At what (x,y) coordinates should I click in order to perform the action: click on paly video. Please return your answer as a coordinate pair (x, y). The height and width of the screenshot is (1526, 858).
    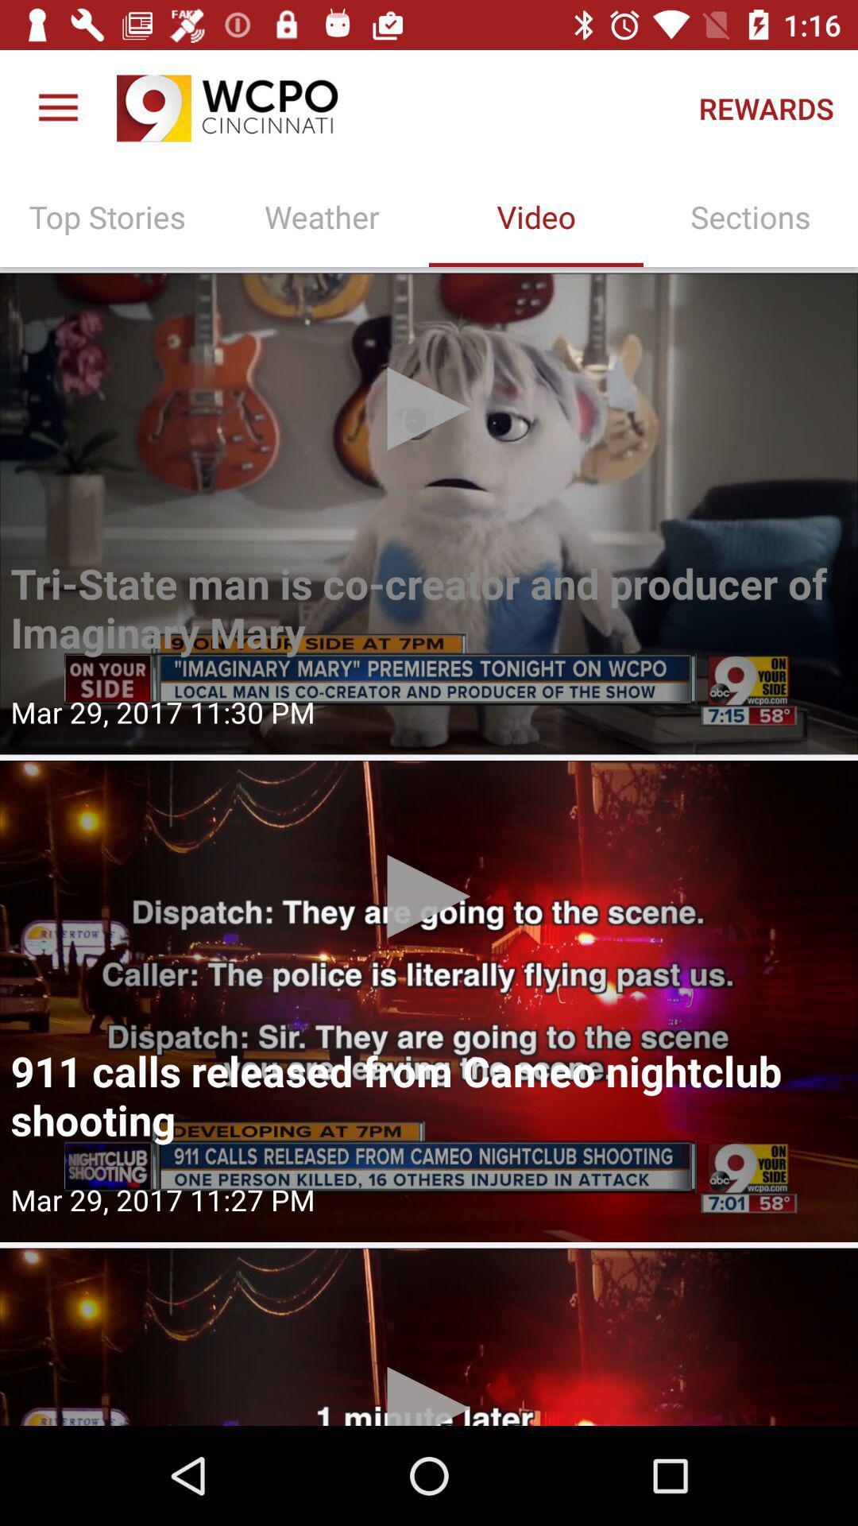
    Looking at the image, I should click on (429, 1000).